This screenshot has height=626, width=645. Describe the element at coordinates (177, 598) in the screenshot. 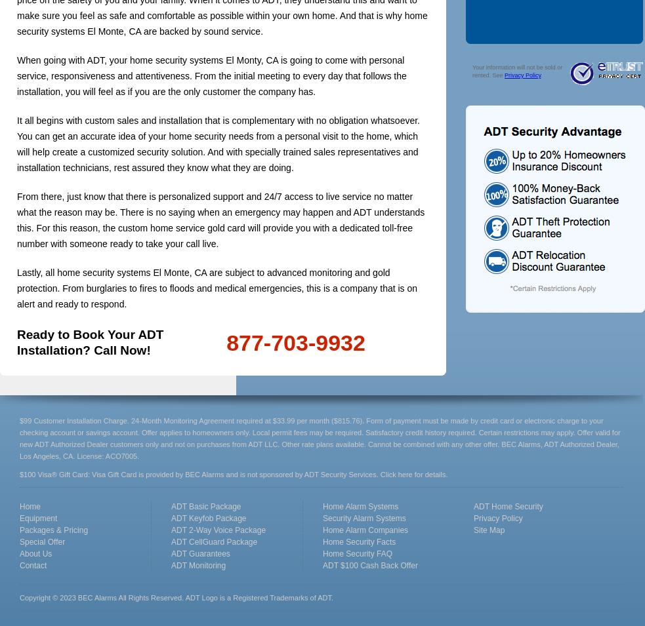

I see `'Copyright © 2023 BEC Alarms All Rights Reserved. ADT Logo is a Registered Trademarks of ADT.'` at that location.